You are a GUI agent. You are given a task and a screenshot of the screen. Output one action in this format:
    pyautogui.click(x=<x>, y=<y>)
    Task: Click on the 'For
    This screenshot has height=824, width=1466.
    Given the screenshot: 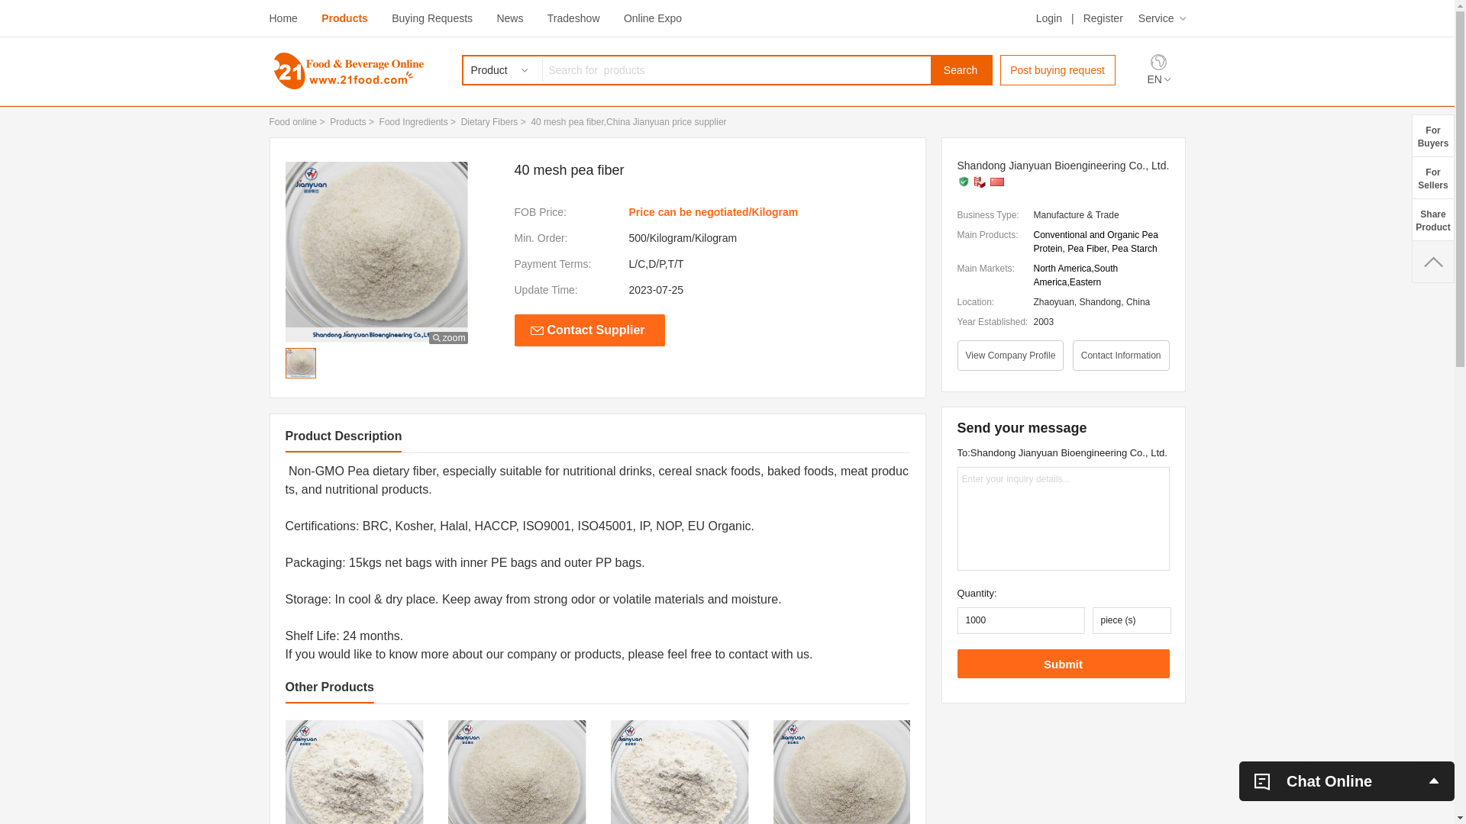 What is the action you would take?
    pyautogui.click(x=1432, y=134)
    